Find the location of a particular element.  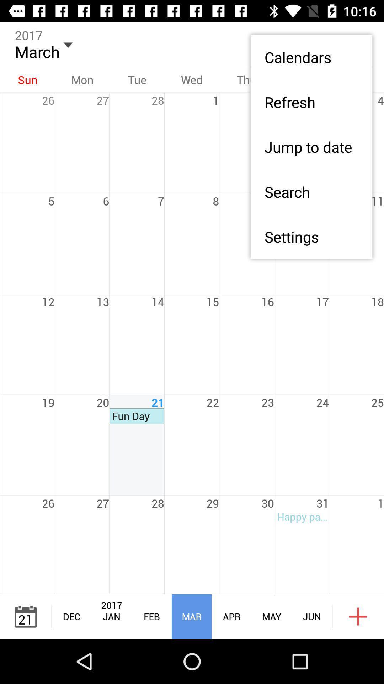

icon above the search app is located at coordinates (311, 146).